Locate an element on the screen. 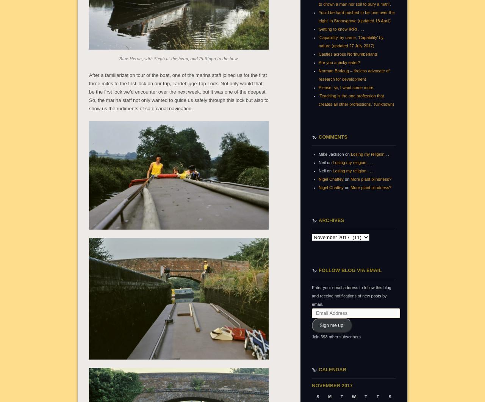 Image resolution: width=485 pixels, height=402 pixels. 'After a familiarization tour of the boat, one of the marina staff joined us for the first three miles to the first lock on our trip, Tardebigge Top Lock. Not only would that be the first lock we’d encounter over the next week, but it was one of the deepest. So, the marina staff not only wanted to guide us safely through this lock but also to show us the rudiments of safe canal navigation.' is located at coordinates (178, 91).